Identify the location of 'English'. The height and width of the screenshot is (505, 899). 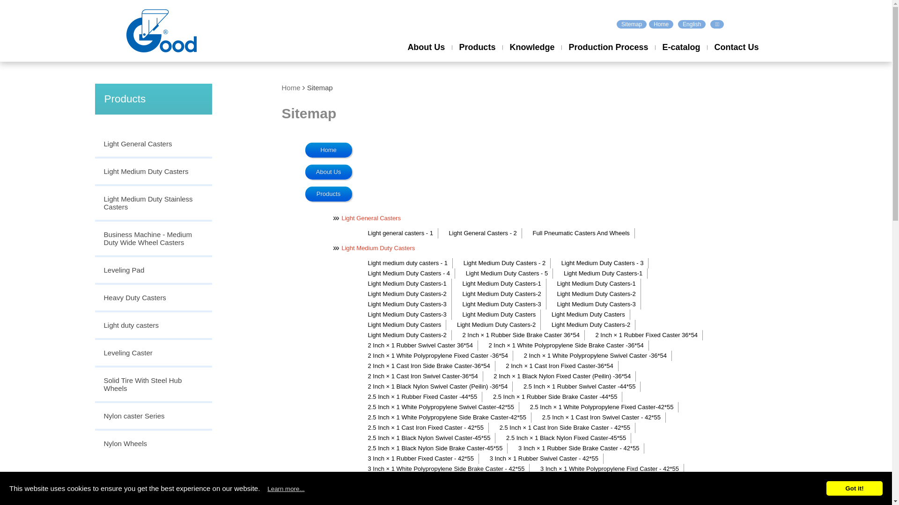
(692, 23).